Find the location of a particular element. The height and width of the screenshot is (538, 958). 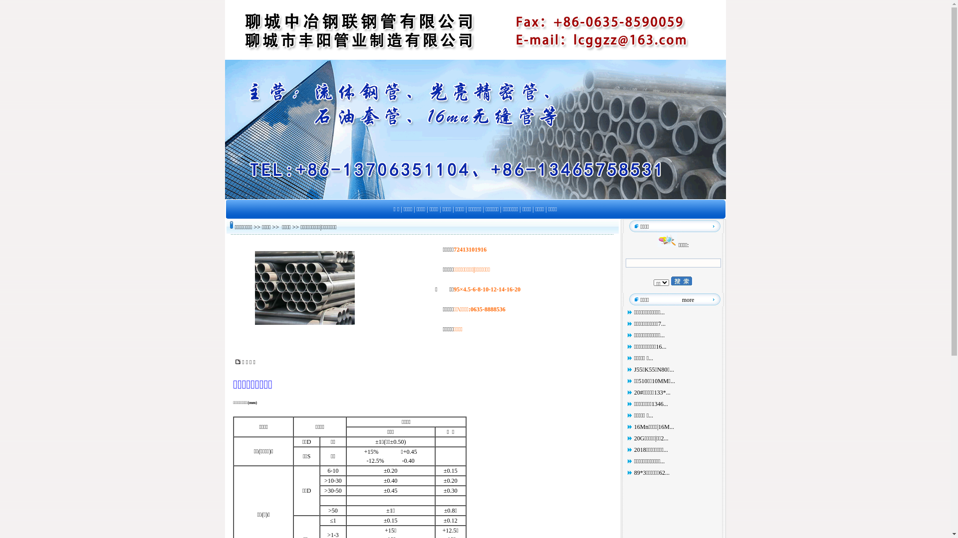

'more' is located at coordinates (688, 299).